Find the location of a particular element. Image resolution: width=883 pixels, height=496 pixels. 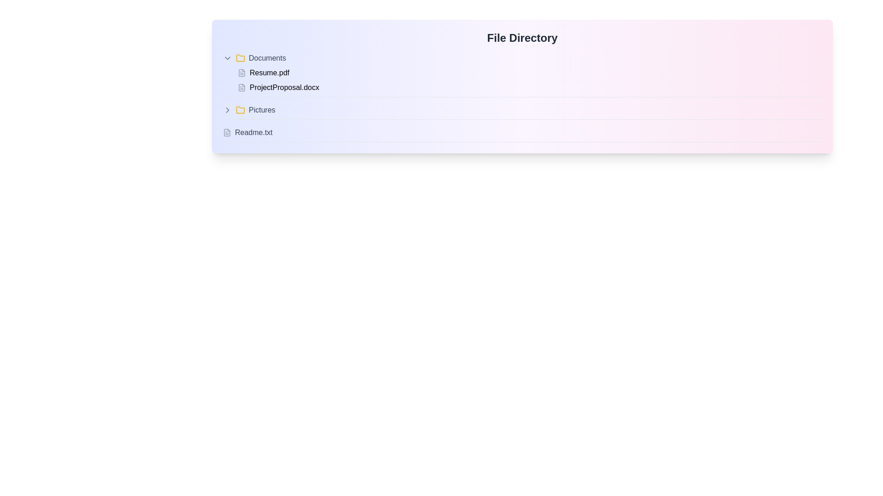

the file icon resembling a document, which is located next to the text labeled 'Resume.pdf' is located at coordinates (242, 72).